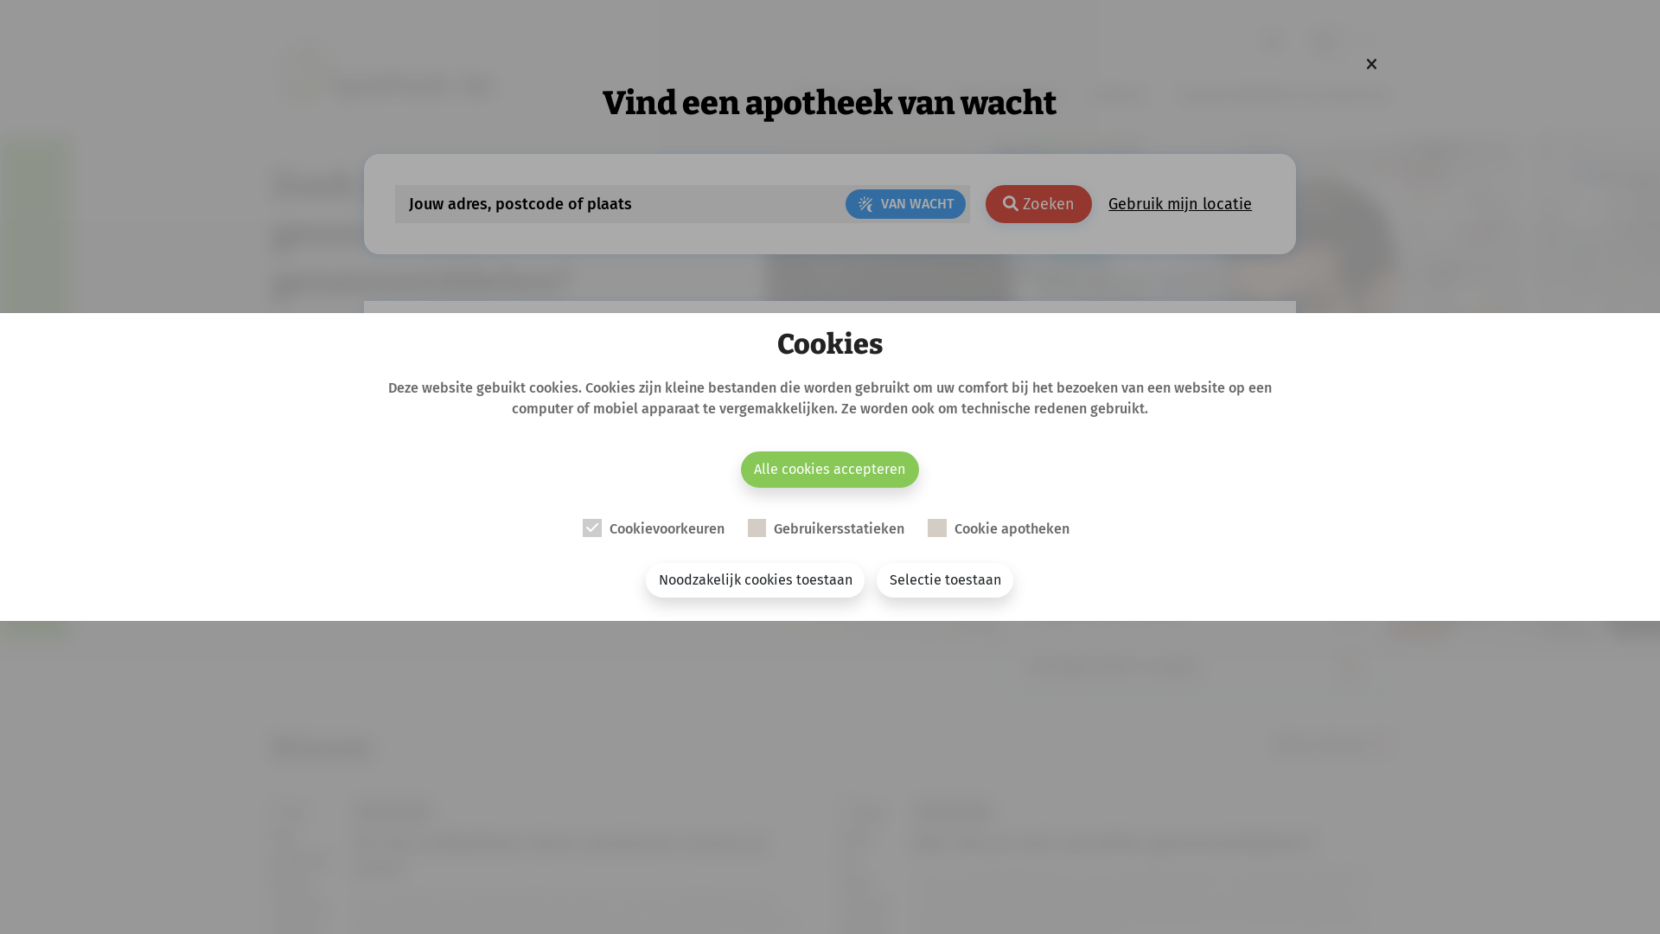 This screenshot has width=1660, height=934. Describe the element at coordinates (830, 470) in the screenshot. I see `'Alle cookies accepteren'` at that location.